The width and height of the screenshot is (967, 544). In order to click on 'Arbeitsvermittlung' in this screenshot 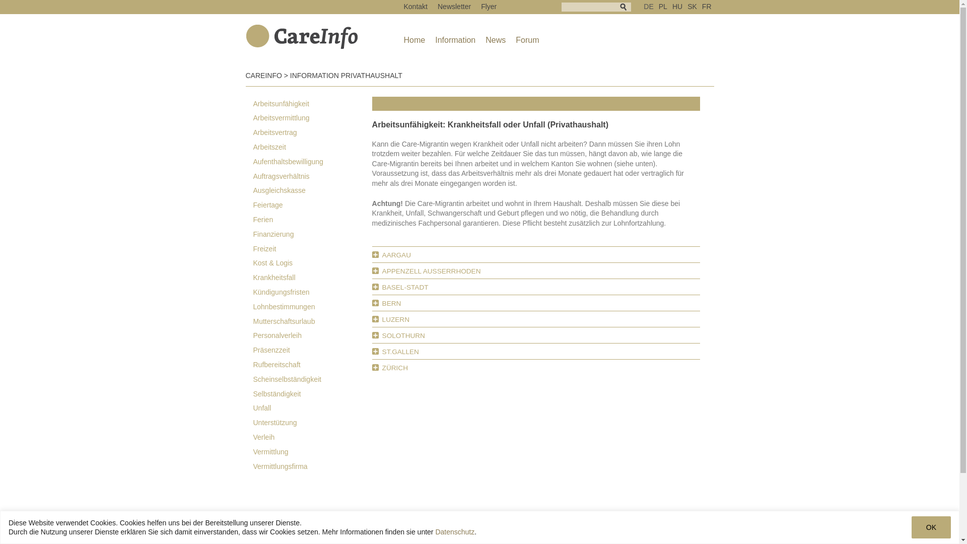, I will do `click(312, 117)`.